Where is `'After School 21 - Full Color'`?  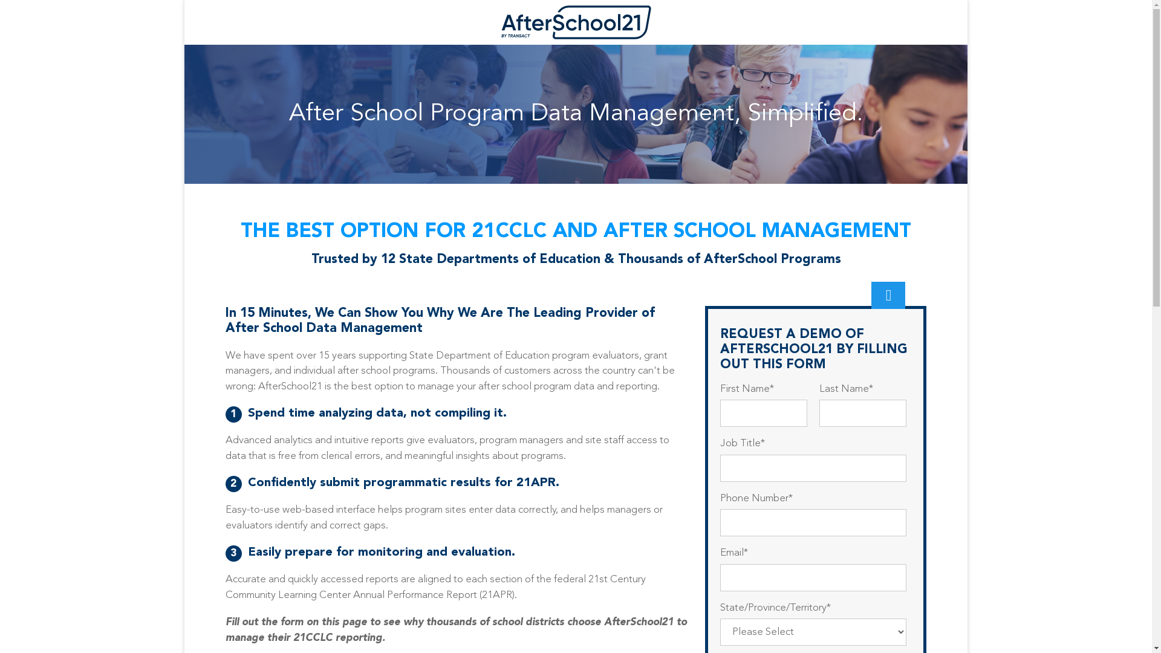
'After School 21 - Full Color' is located at coordinates (576, 22).